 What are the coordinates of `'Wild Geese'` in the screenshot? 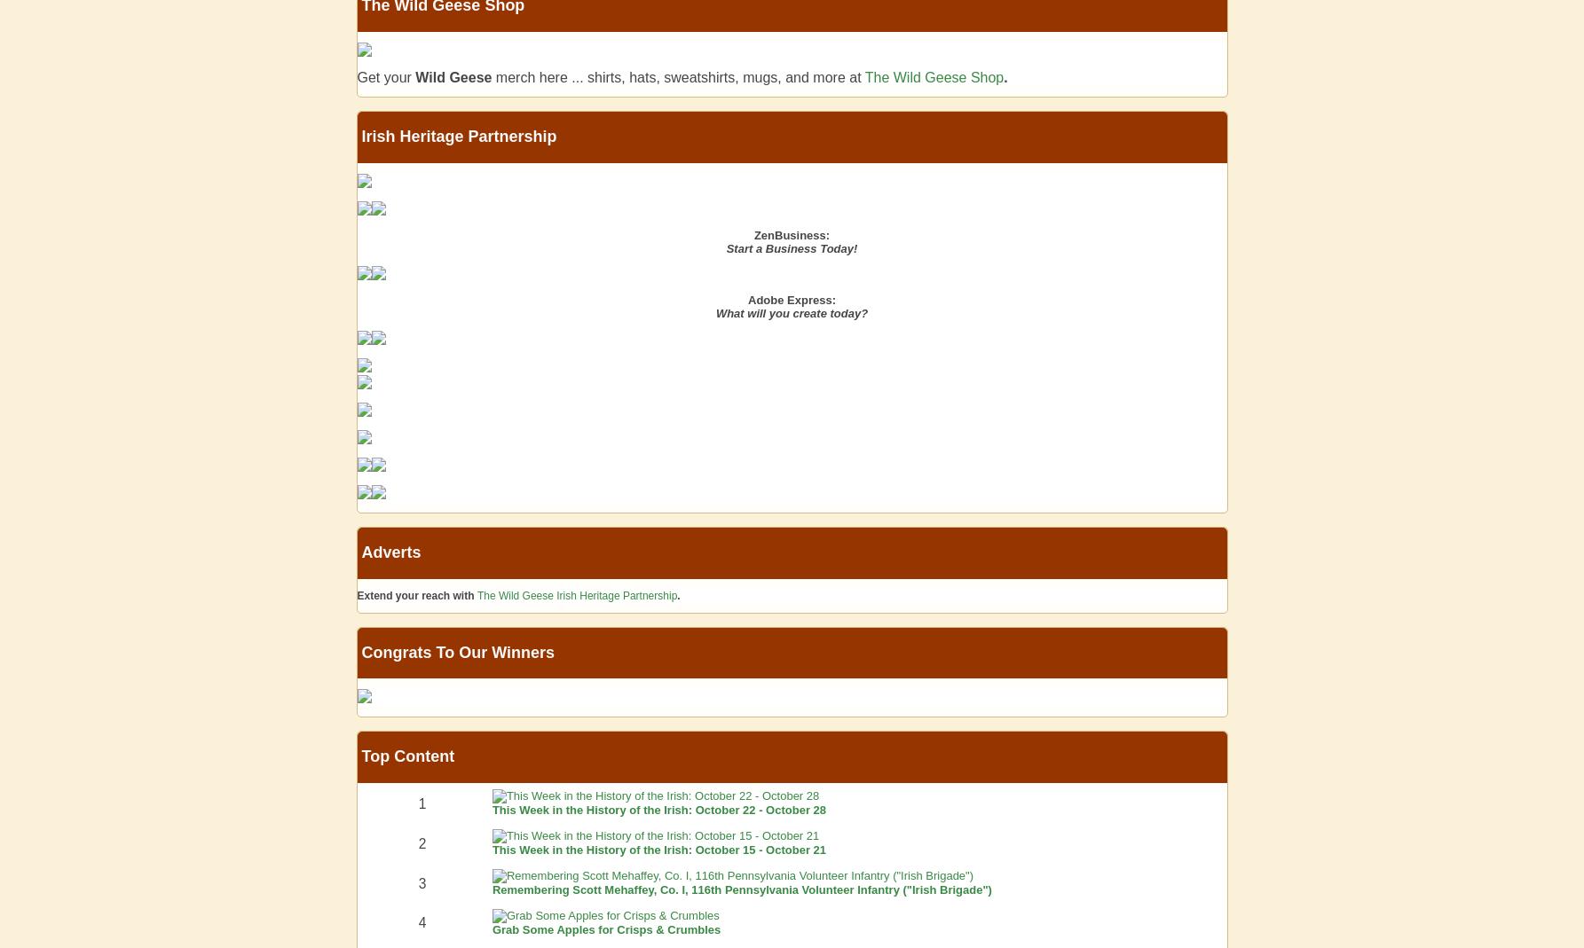 It's located at (453, 75).